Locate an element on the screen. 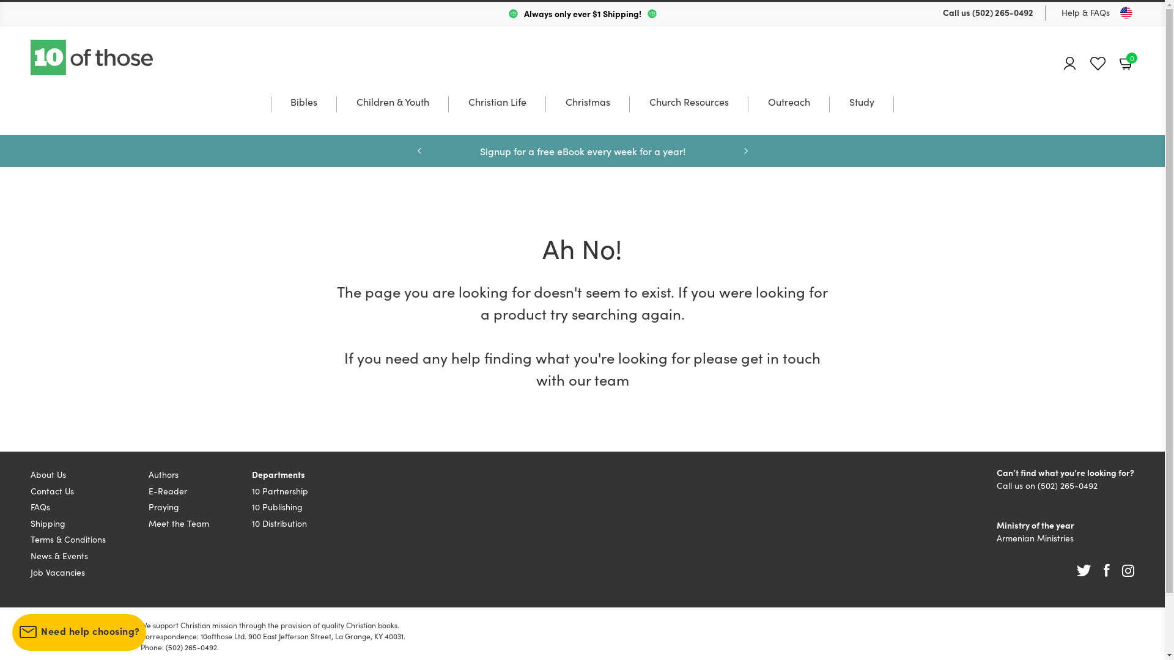 The height and width of the screenshot is (660, 1174). 'Twitter' is located at coordinates (1084, 570).